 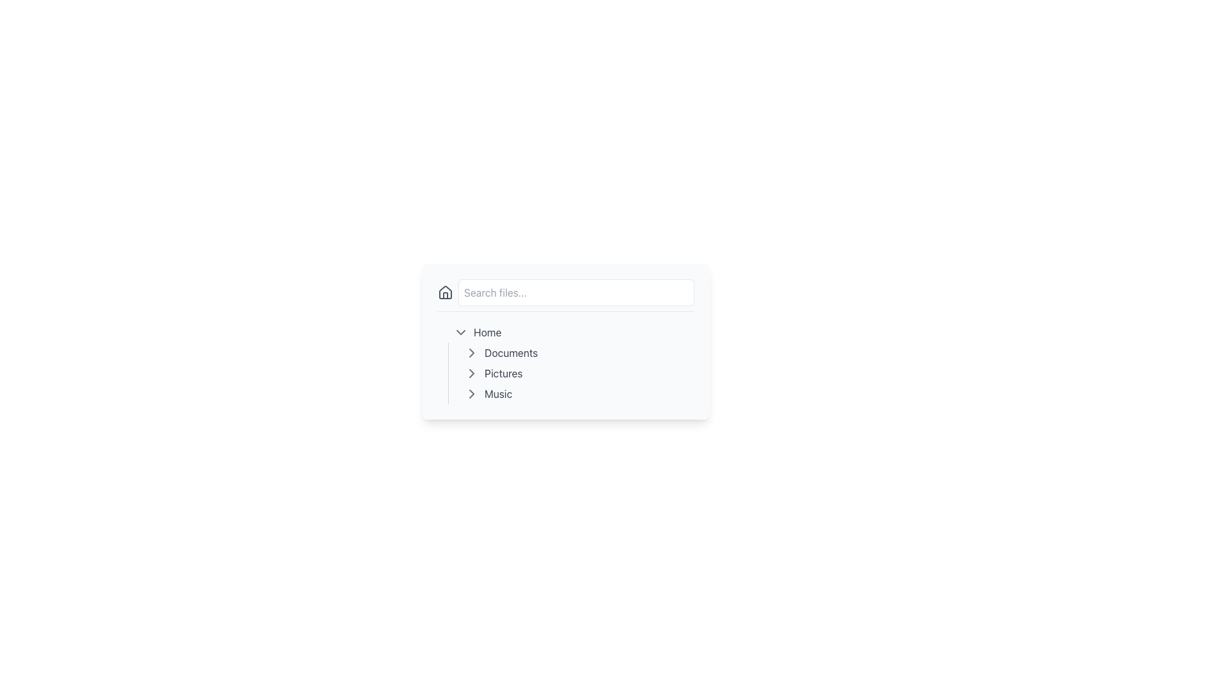 What do you see at coordinates (487, 332) in the screenshot?
I see `text label for the 'Home' section in the navigation list, located below the search bar and aligned left` at bounding box center [487, 332].